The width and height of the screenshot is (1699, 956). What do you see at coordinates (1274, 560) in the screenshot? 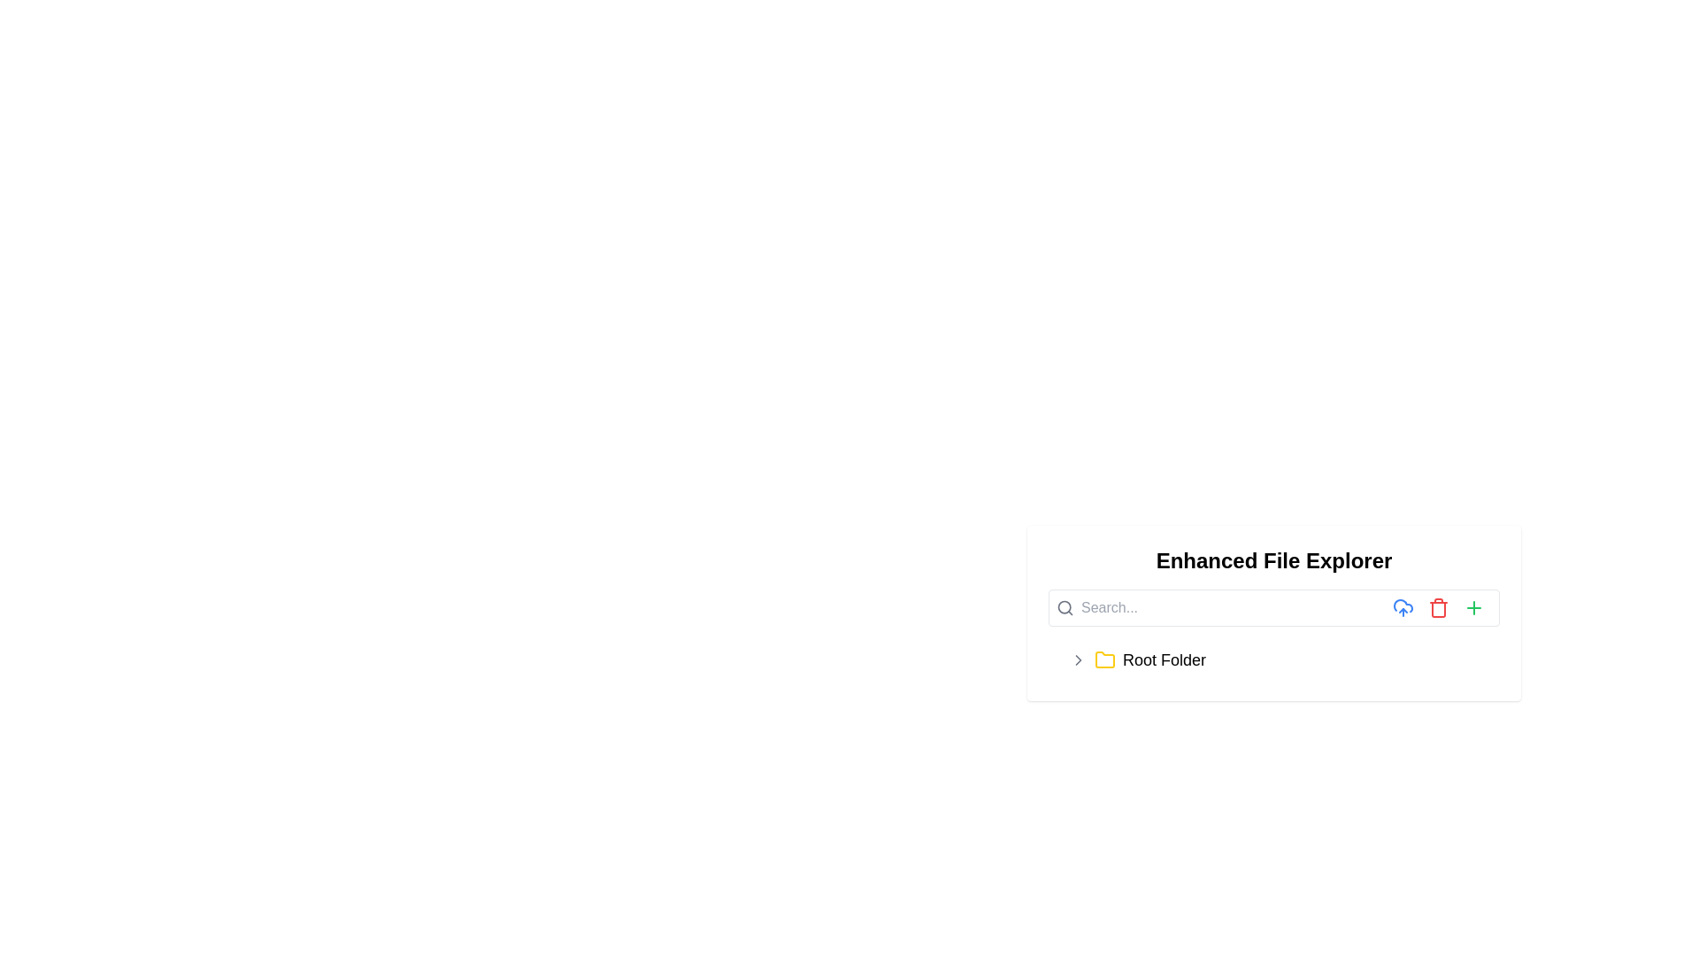
I see `header or title text indicating the purpose of the file exploration interface, located at the top center of its containing box, positioned above the search bar and folder display` at bounding box center [1274, 560].